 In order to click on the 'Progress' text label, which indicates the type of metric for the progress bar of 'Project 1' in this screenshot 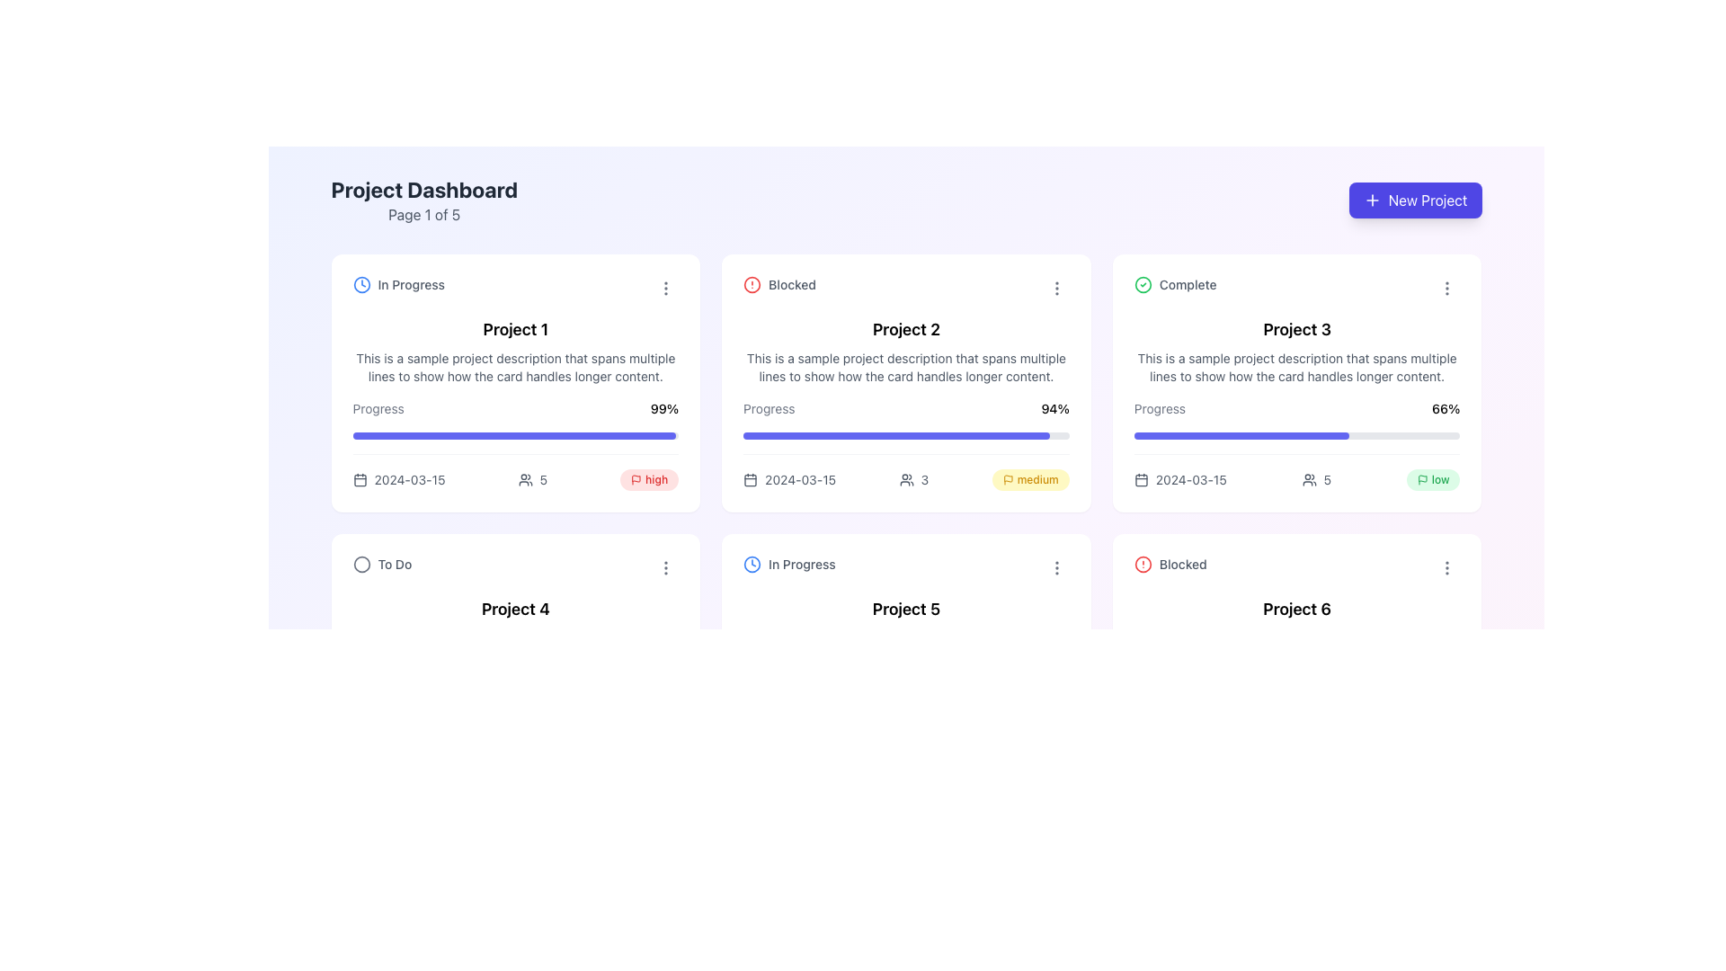, I will do `click(378, 409)`.